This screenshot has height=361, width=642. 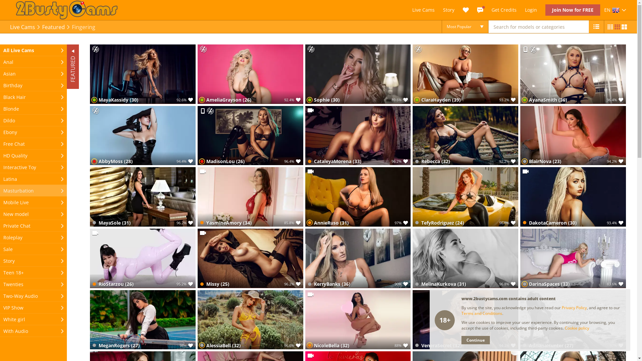 I want to click on 'Roleplay', so click(x=33, y=237).